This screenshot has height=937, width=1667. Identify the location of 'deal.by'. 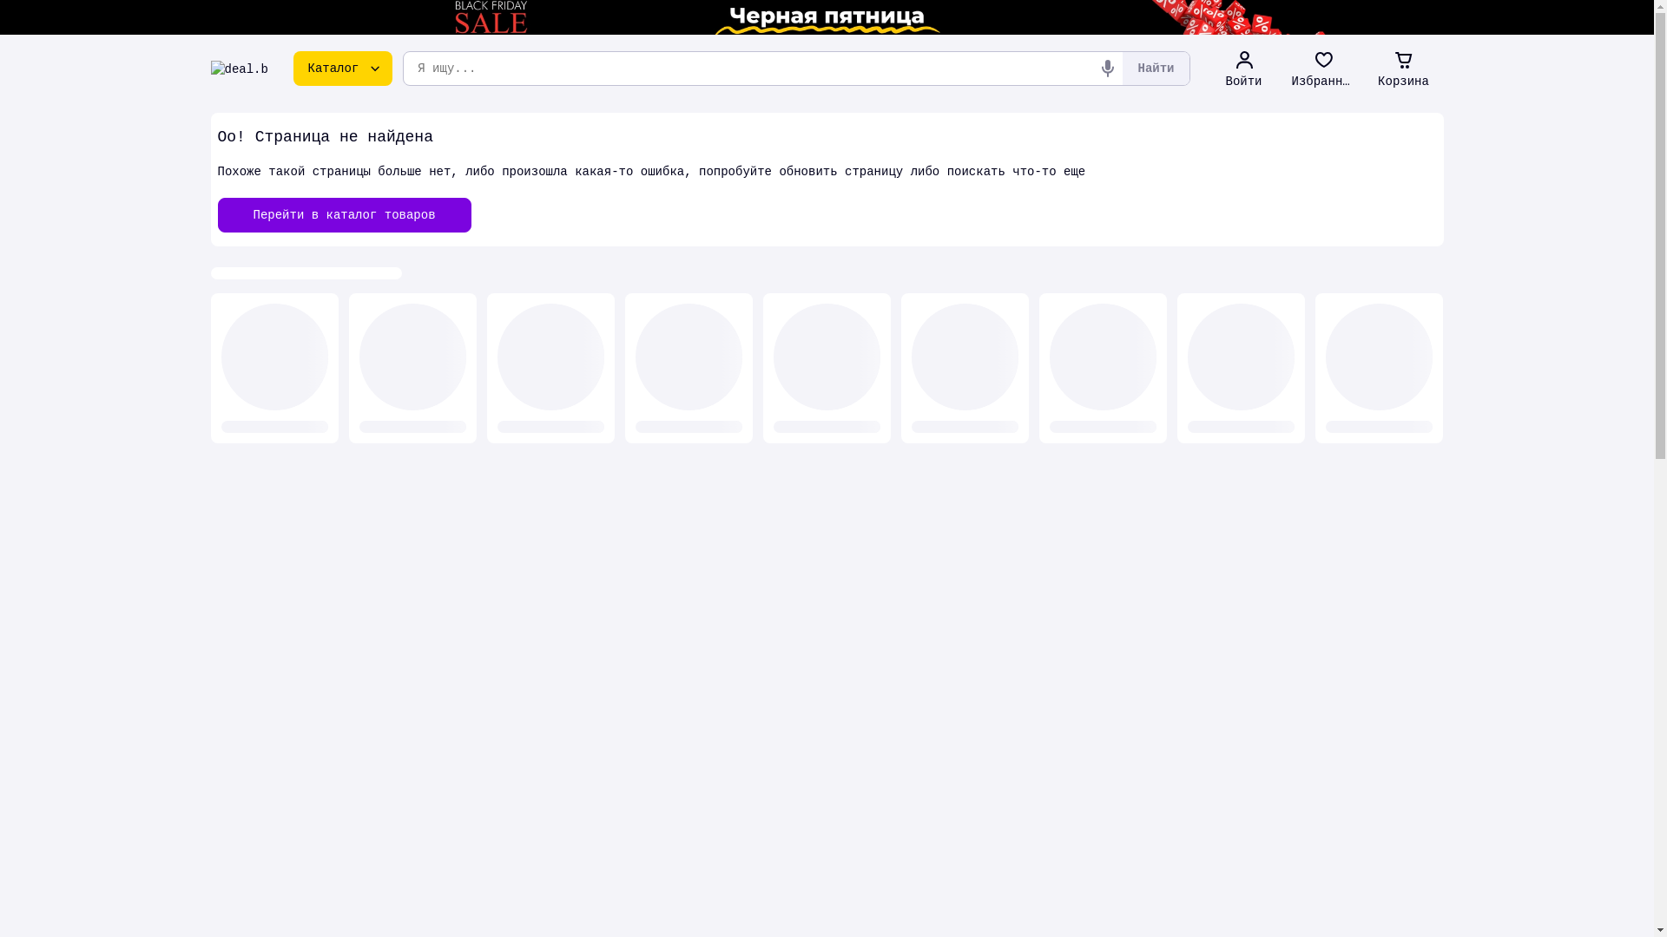
(238, 67).